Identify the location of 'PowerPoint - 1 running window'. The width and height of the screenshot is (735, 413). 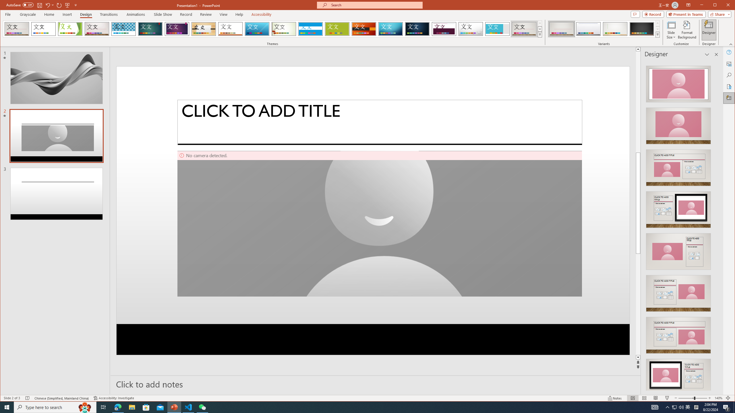
(174, 407).